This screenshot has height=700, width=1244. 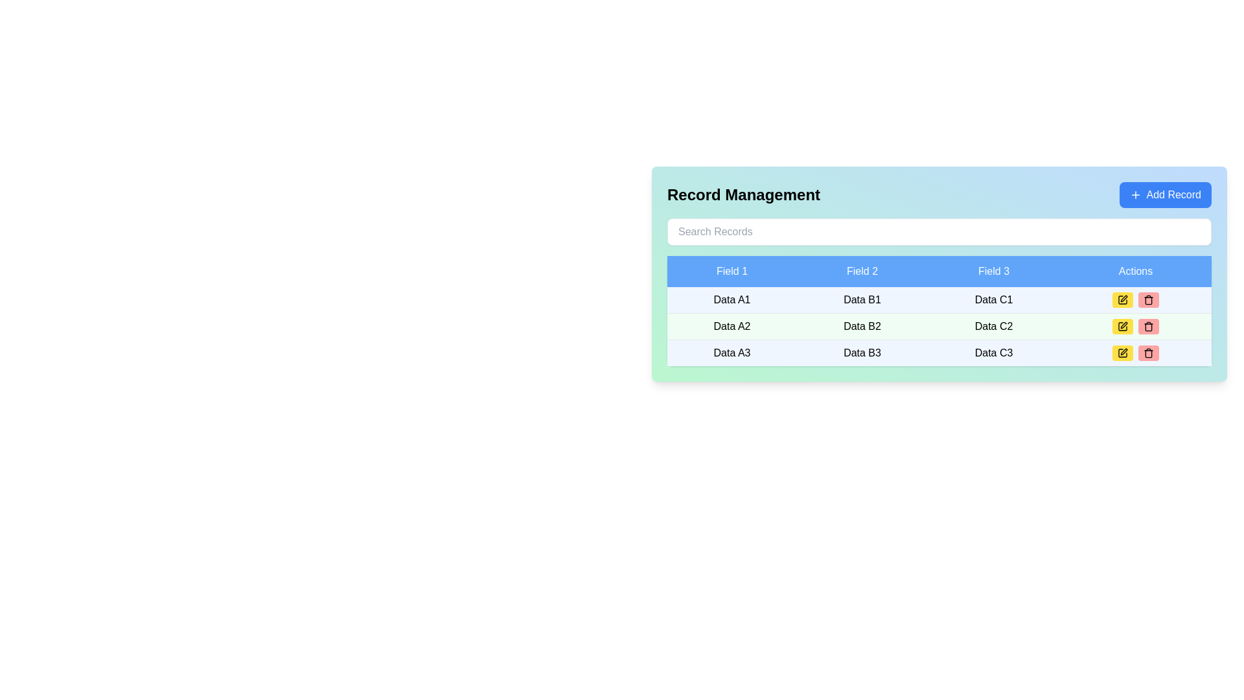 What do you see at coordinates (1148, 299) in the screenshot?
I see `the trash icon within the pink rounded rectangular button in the 'Actions' column of the third row of the data table` at bounding box center [1148, 299].